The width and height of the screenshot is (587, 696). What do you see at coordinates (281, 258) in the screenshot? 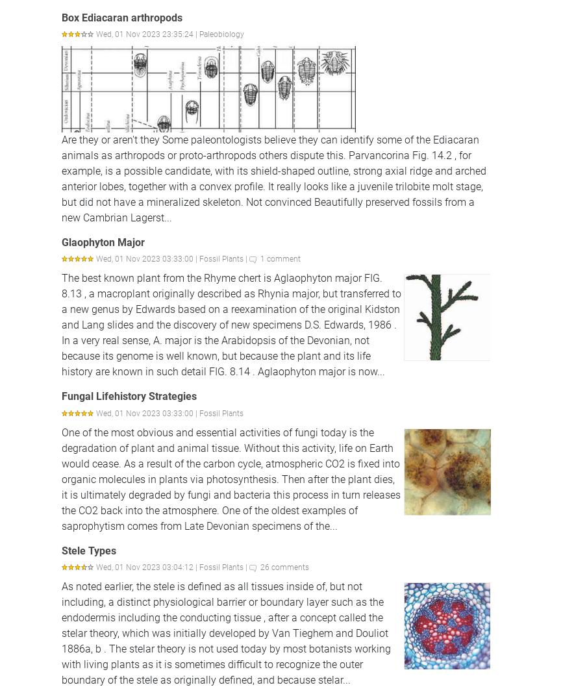
I see `'1 comment'` at bounding box center [281, 258].